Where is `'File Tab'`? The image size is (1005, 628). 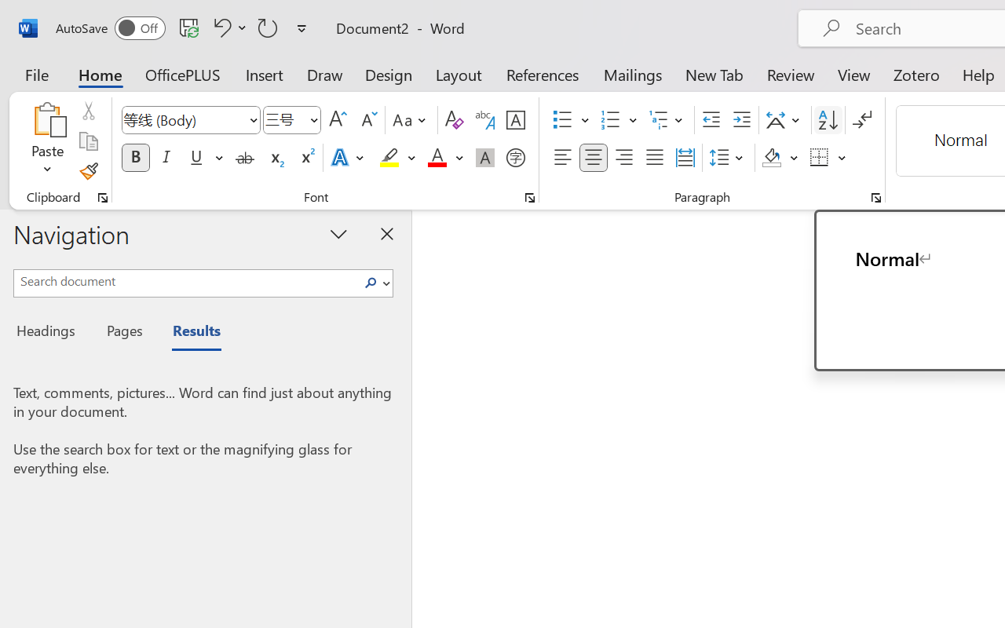
'File Tab' is located at coordinates (36, 74).